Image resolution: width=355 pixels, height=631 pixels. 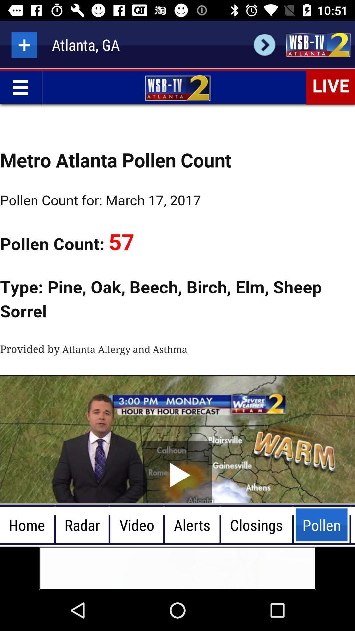 I want to click on check weather for selected city, so click(x=264, y=44).